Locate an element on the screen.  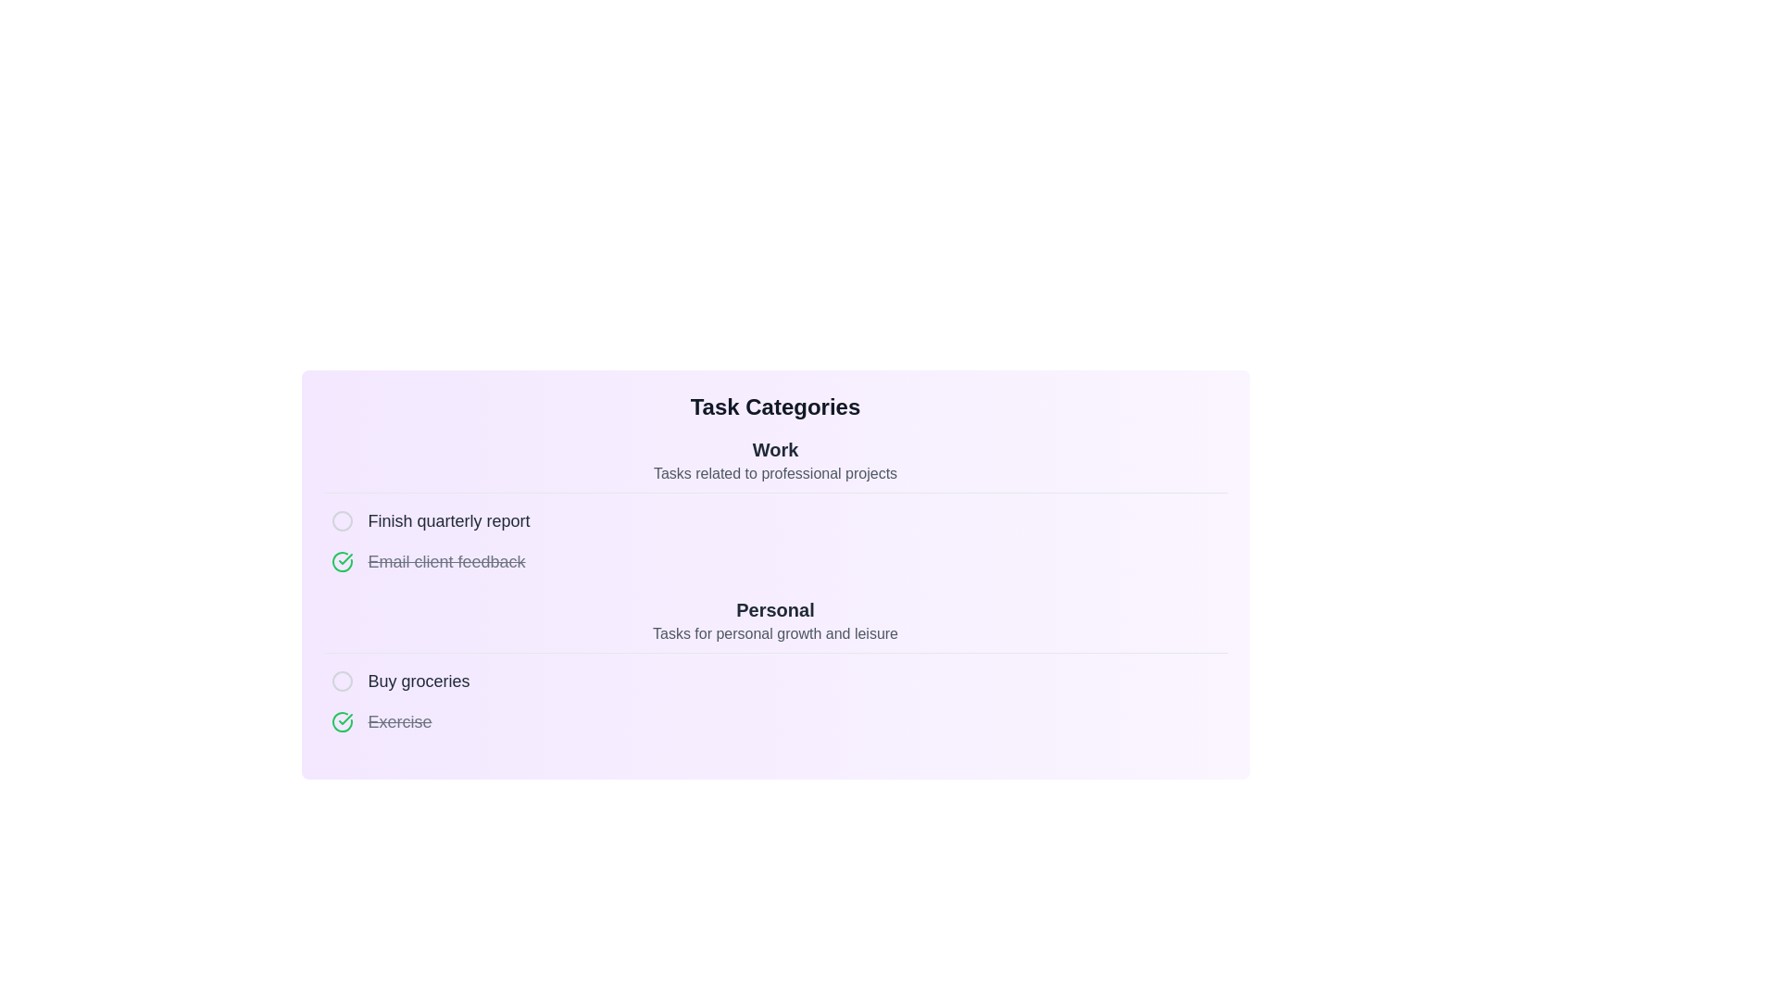
the list item with the text 'Email client feedback' and a green checkmark icon, indicating it is a completed task is located at coordinates (427, 560).